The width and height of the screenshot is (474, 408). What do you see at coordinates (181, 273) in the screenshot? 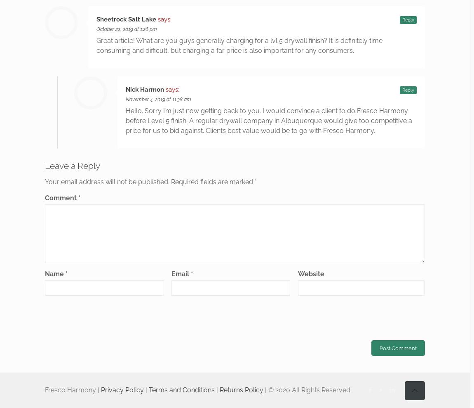
I see `'Email'` at bounding box center [181, 273].